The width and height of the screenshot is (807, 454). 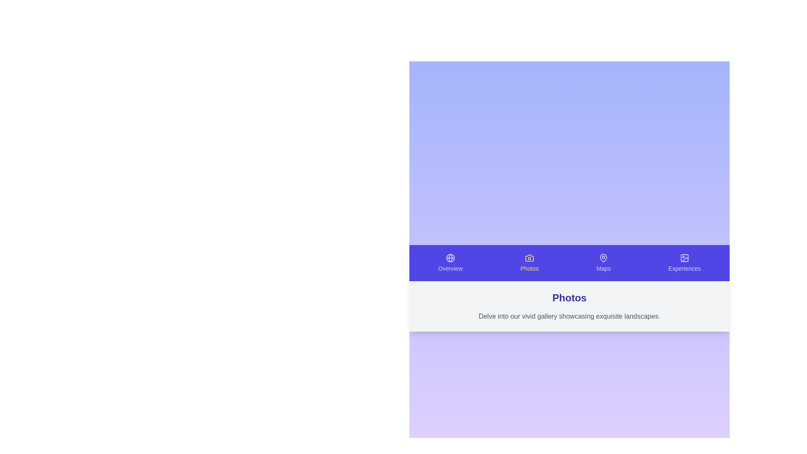 What do you see at coordinates (684, 262) in the screenshot?
I see `the tab labeled Experiences` at bounding box center [684, 262].